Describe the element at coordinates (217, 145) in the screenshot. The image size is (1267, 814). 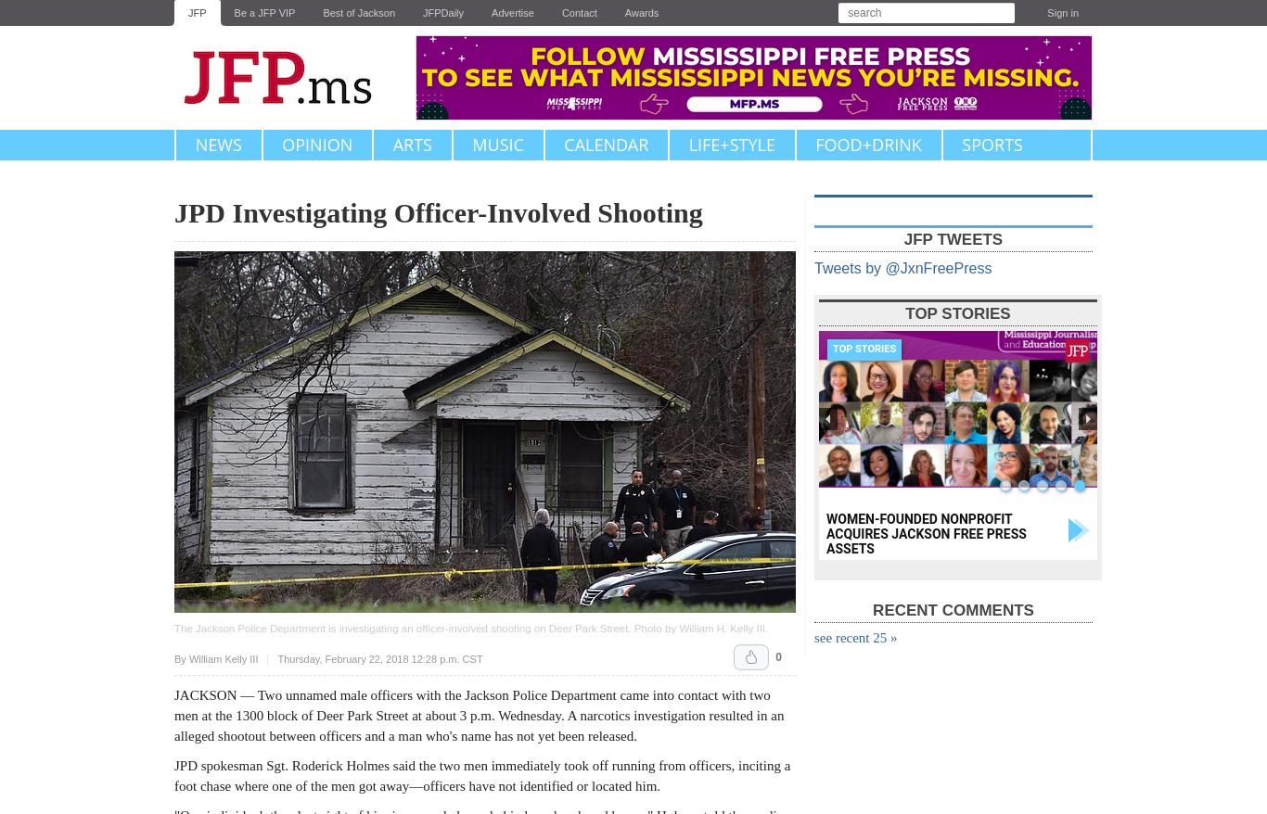
I see `'News'` at that location.